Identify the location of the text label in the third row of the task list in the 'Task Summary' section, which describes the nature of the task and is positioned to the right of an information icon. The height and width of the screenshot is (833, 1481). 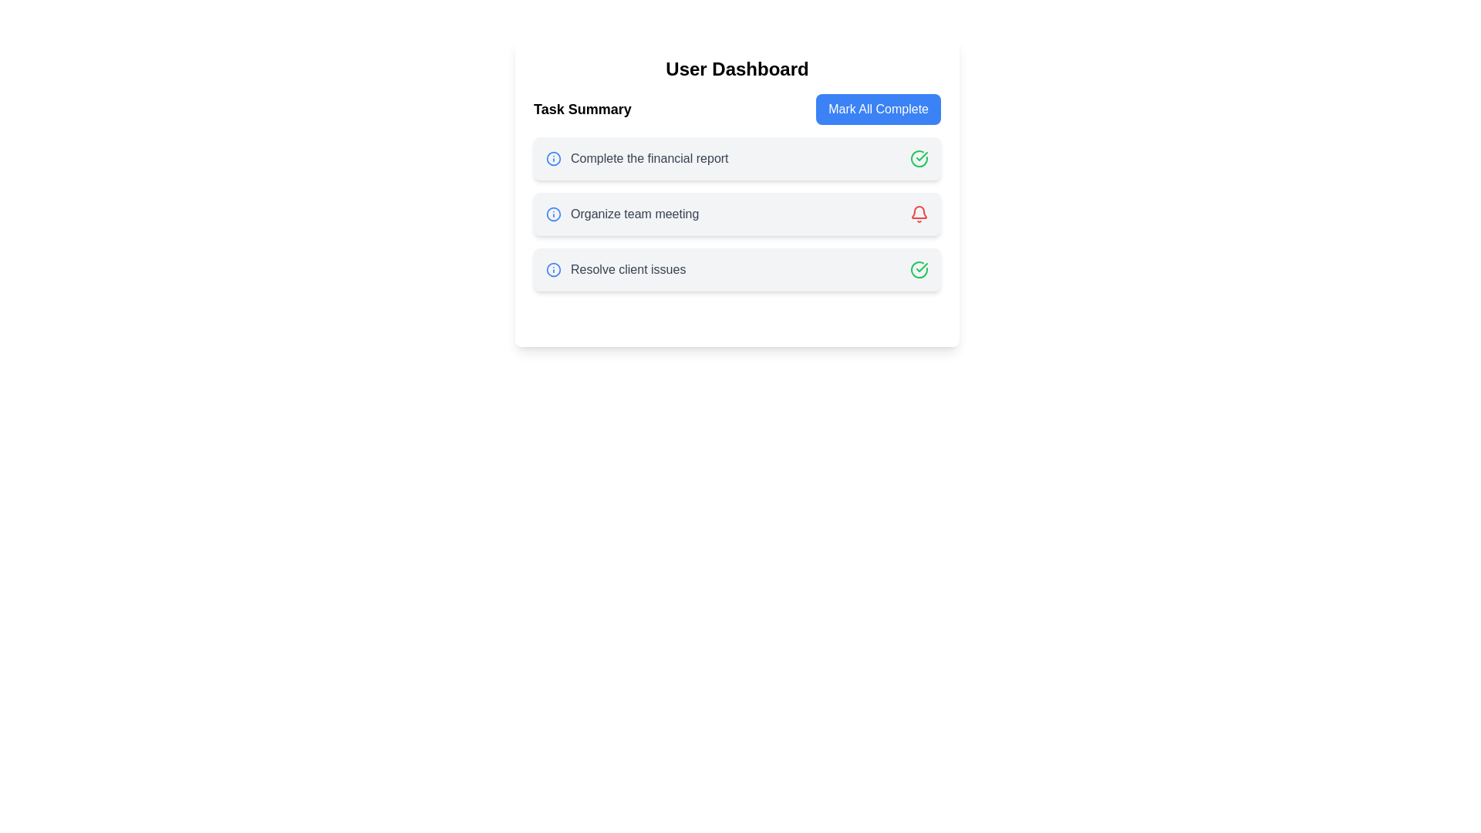
(628, 269).